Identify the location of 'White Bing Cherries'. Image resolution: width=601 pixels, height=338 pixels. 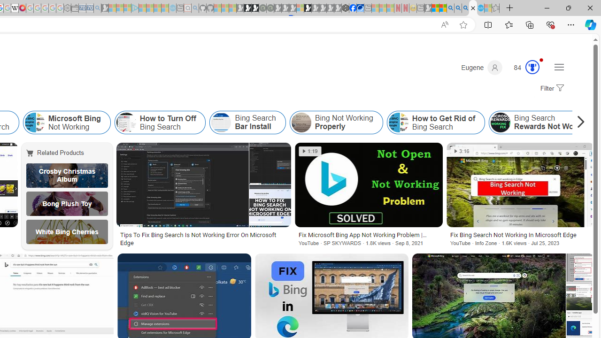
(67, 231).